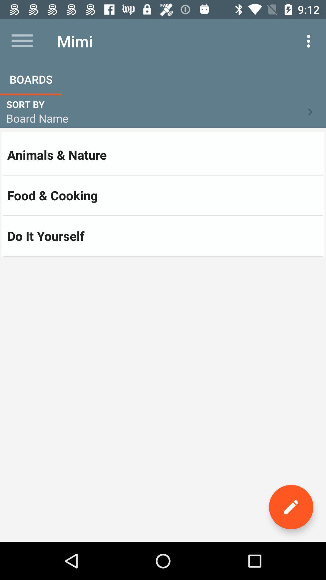 This screenshot has height=580, width=326. What do you see at coordinates (22, 41) in the screenshot?
I see `the item next to the mimi` at bounding box center [22, 41].